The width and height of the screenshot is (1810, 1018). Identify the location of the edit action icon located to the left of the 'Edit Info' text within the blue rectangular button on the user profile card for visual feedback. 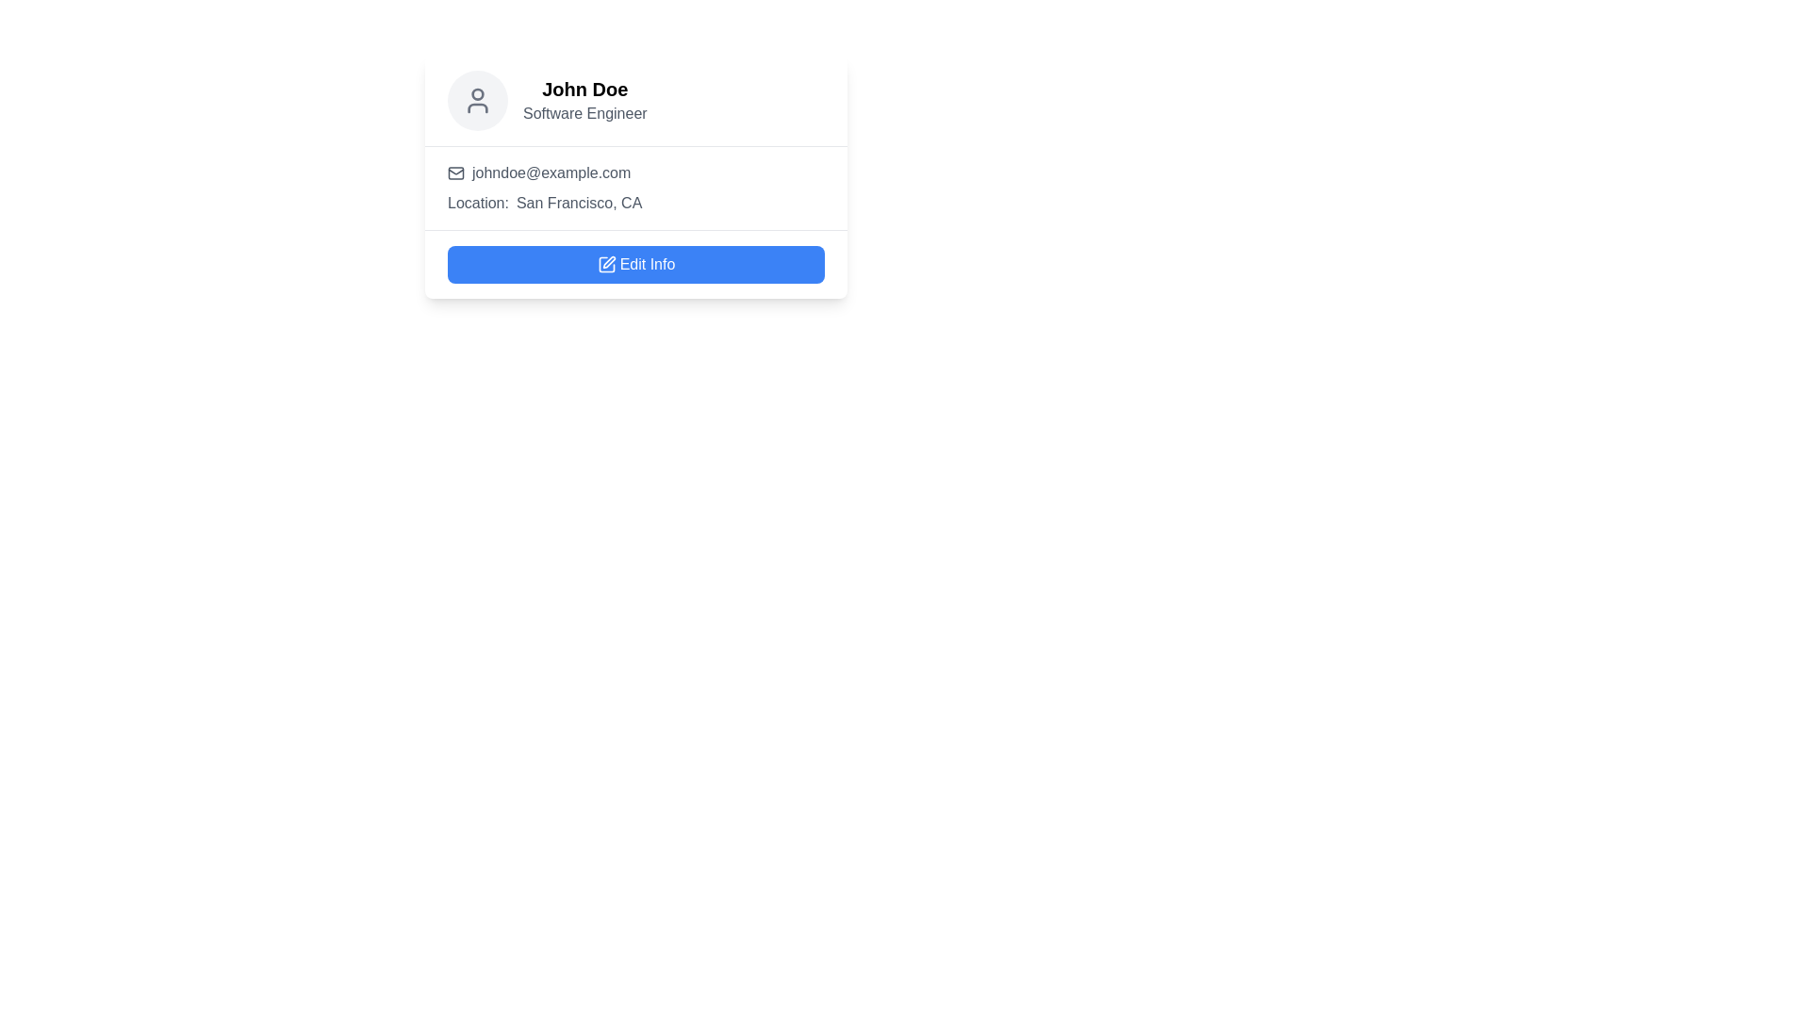
(609, 262).